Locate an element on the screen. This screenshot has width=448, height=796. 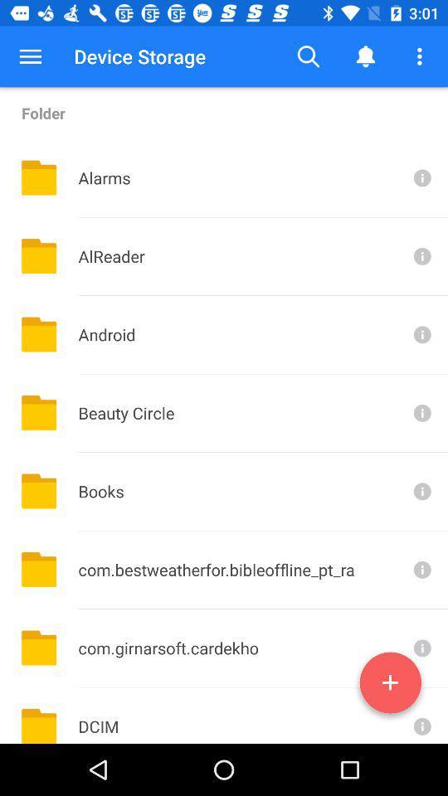
button for folder information is located at coordinates (421, 333).